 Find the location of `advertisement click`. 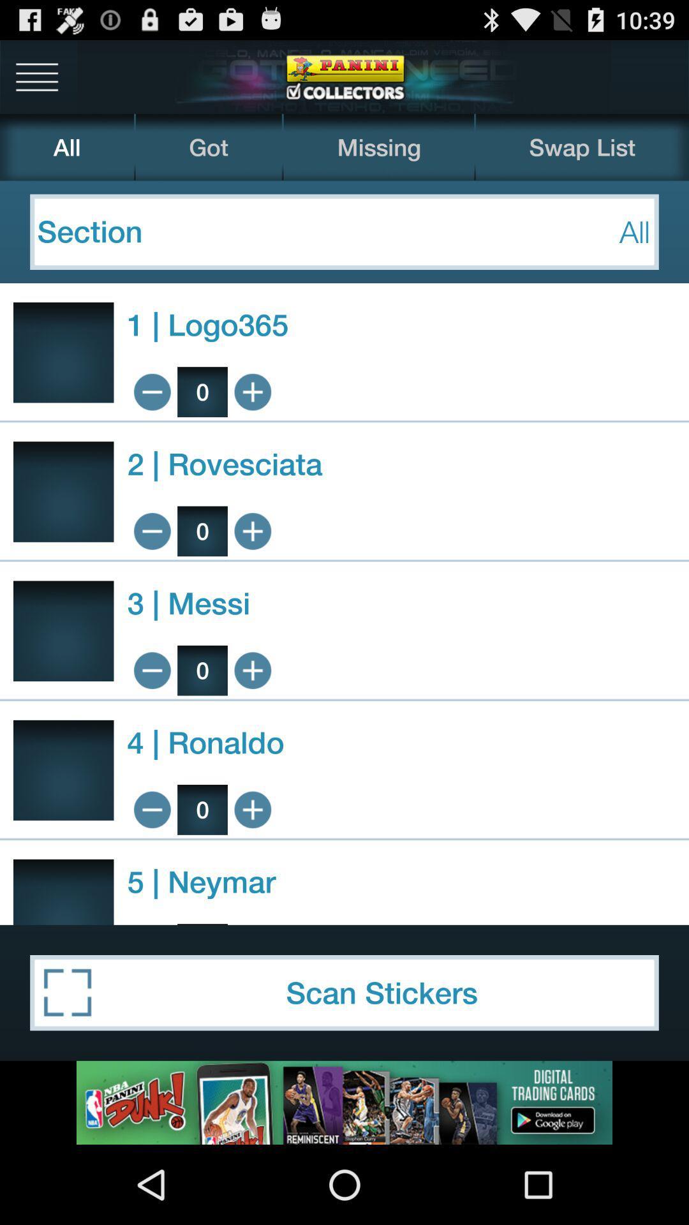

advertisement click is located at coordinates (344, 1102).